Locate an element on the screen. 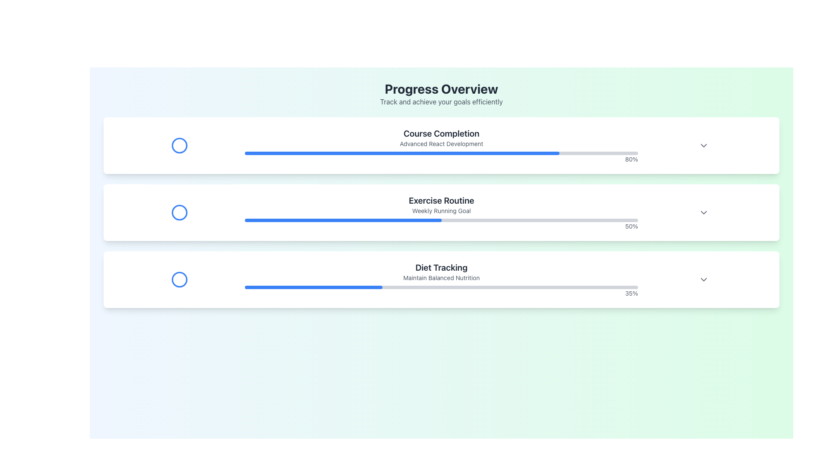 The height and width of the screenshot is (464, 825). the downward-pointing gray arrow icon, which is the Dropdown toggle indicator located at the far right of the 'Exercise Routine' progress tracking card is located at coordinates (703, 212).